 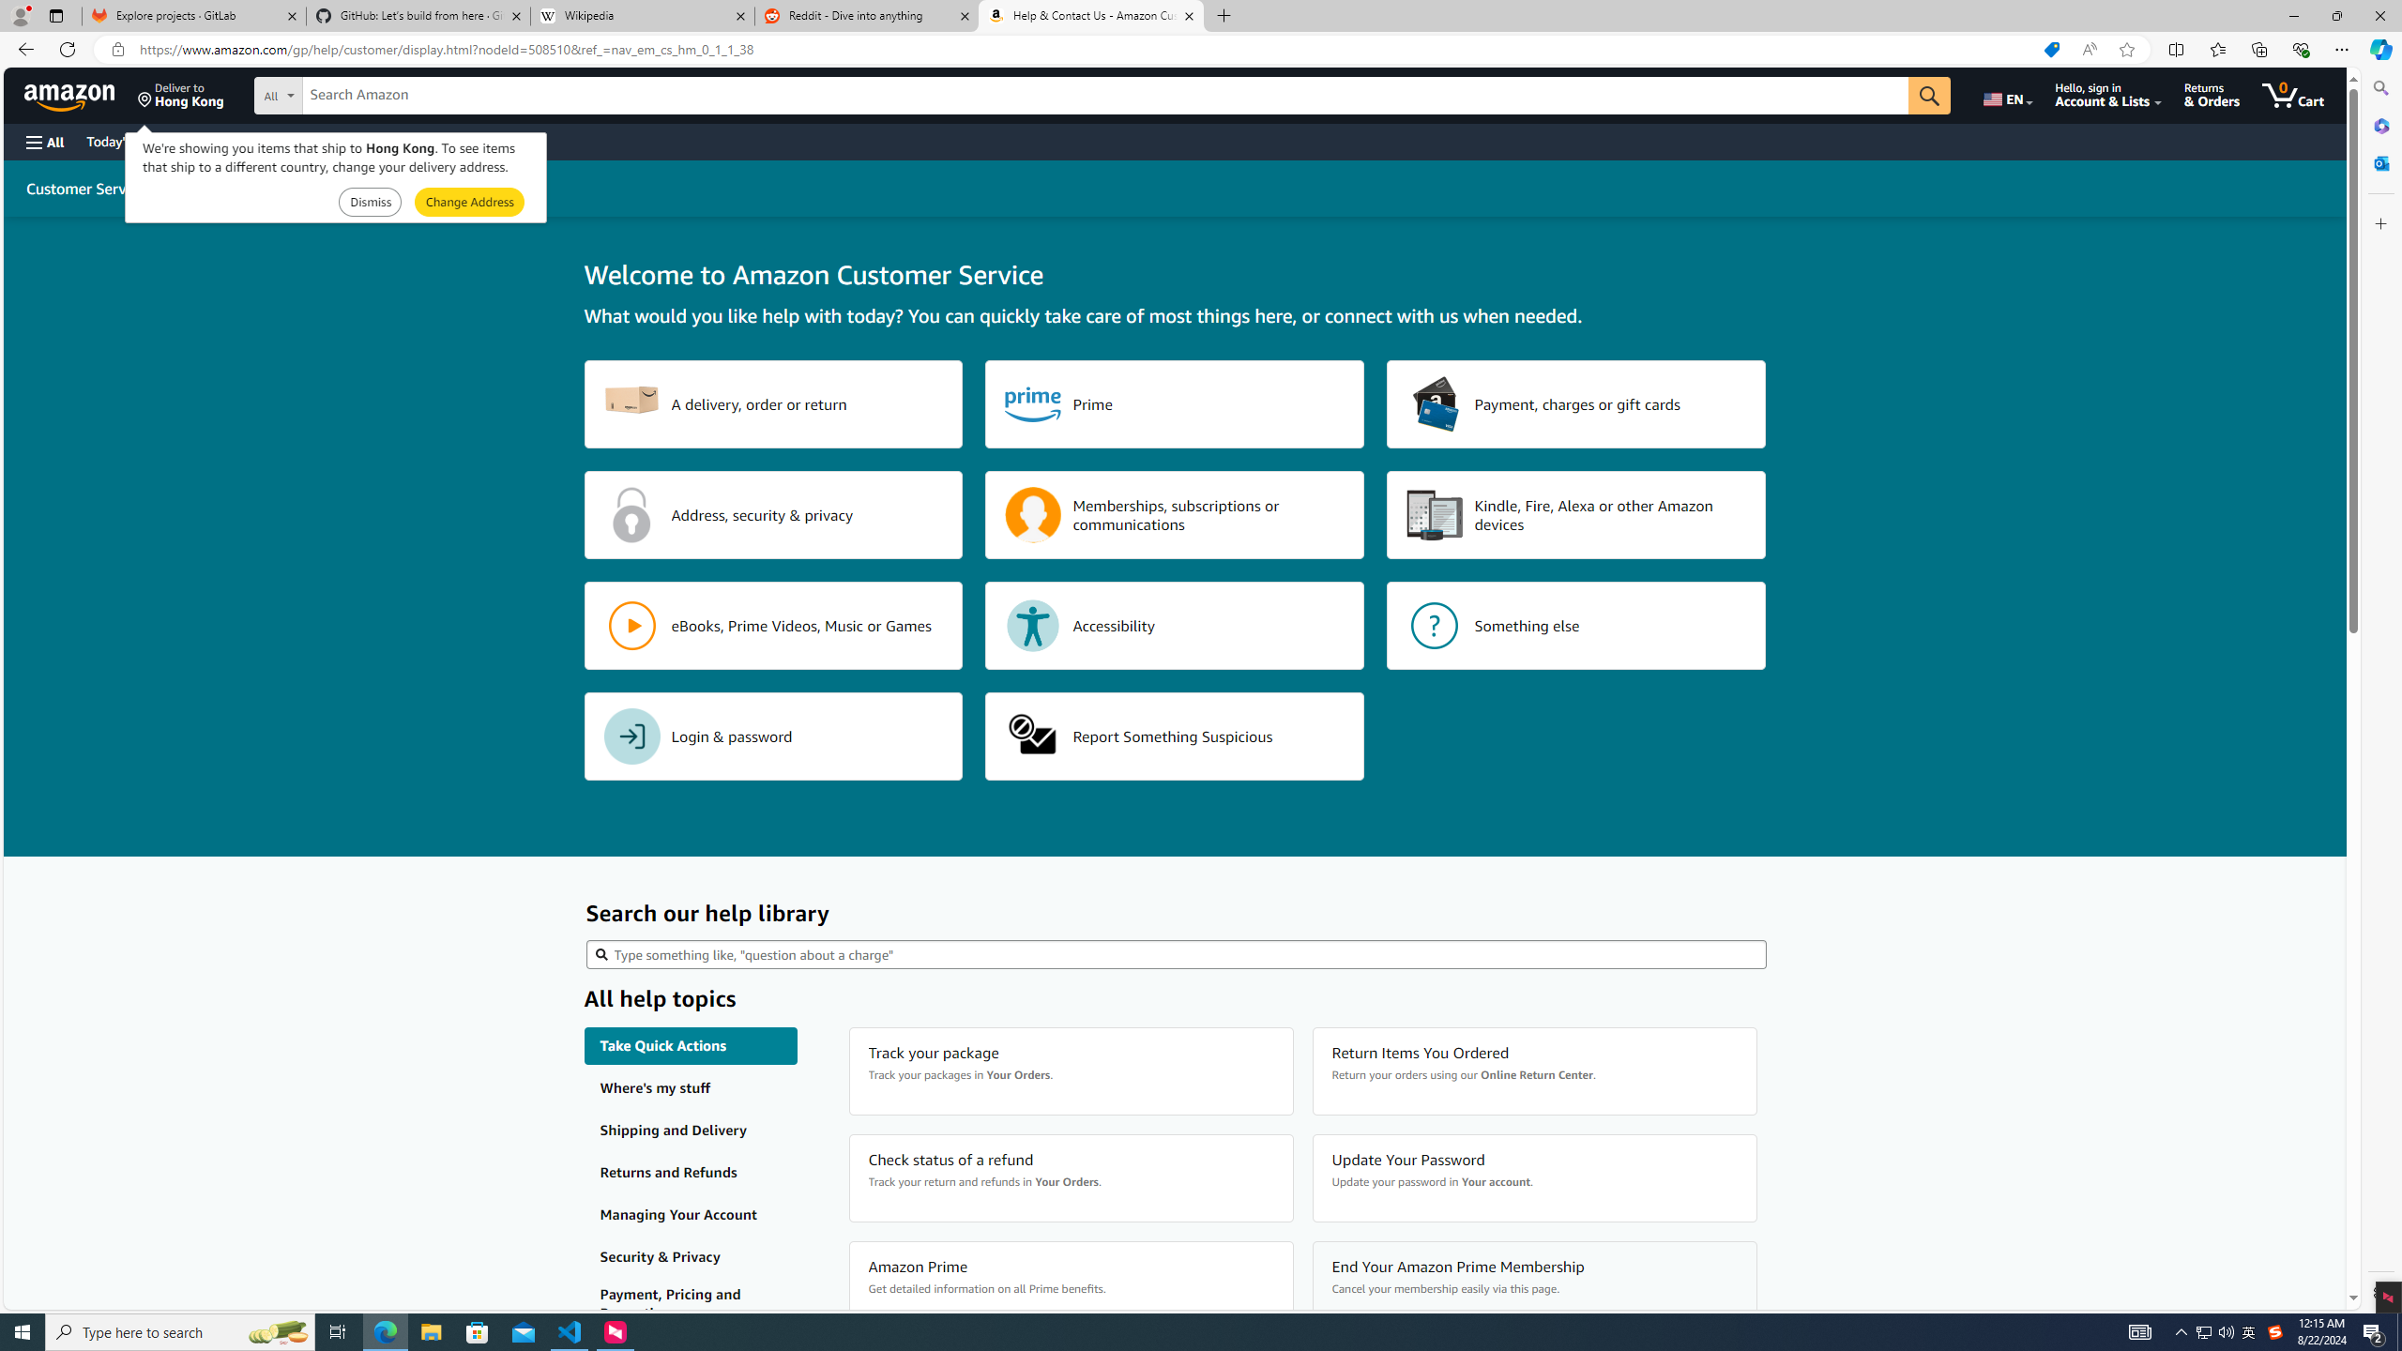 I want to click on 'Something else', so click(x=1575, y=625).